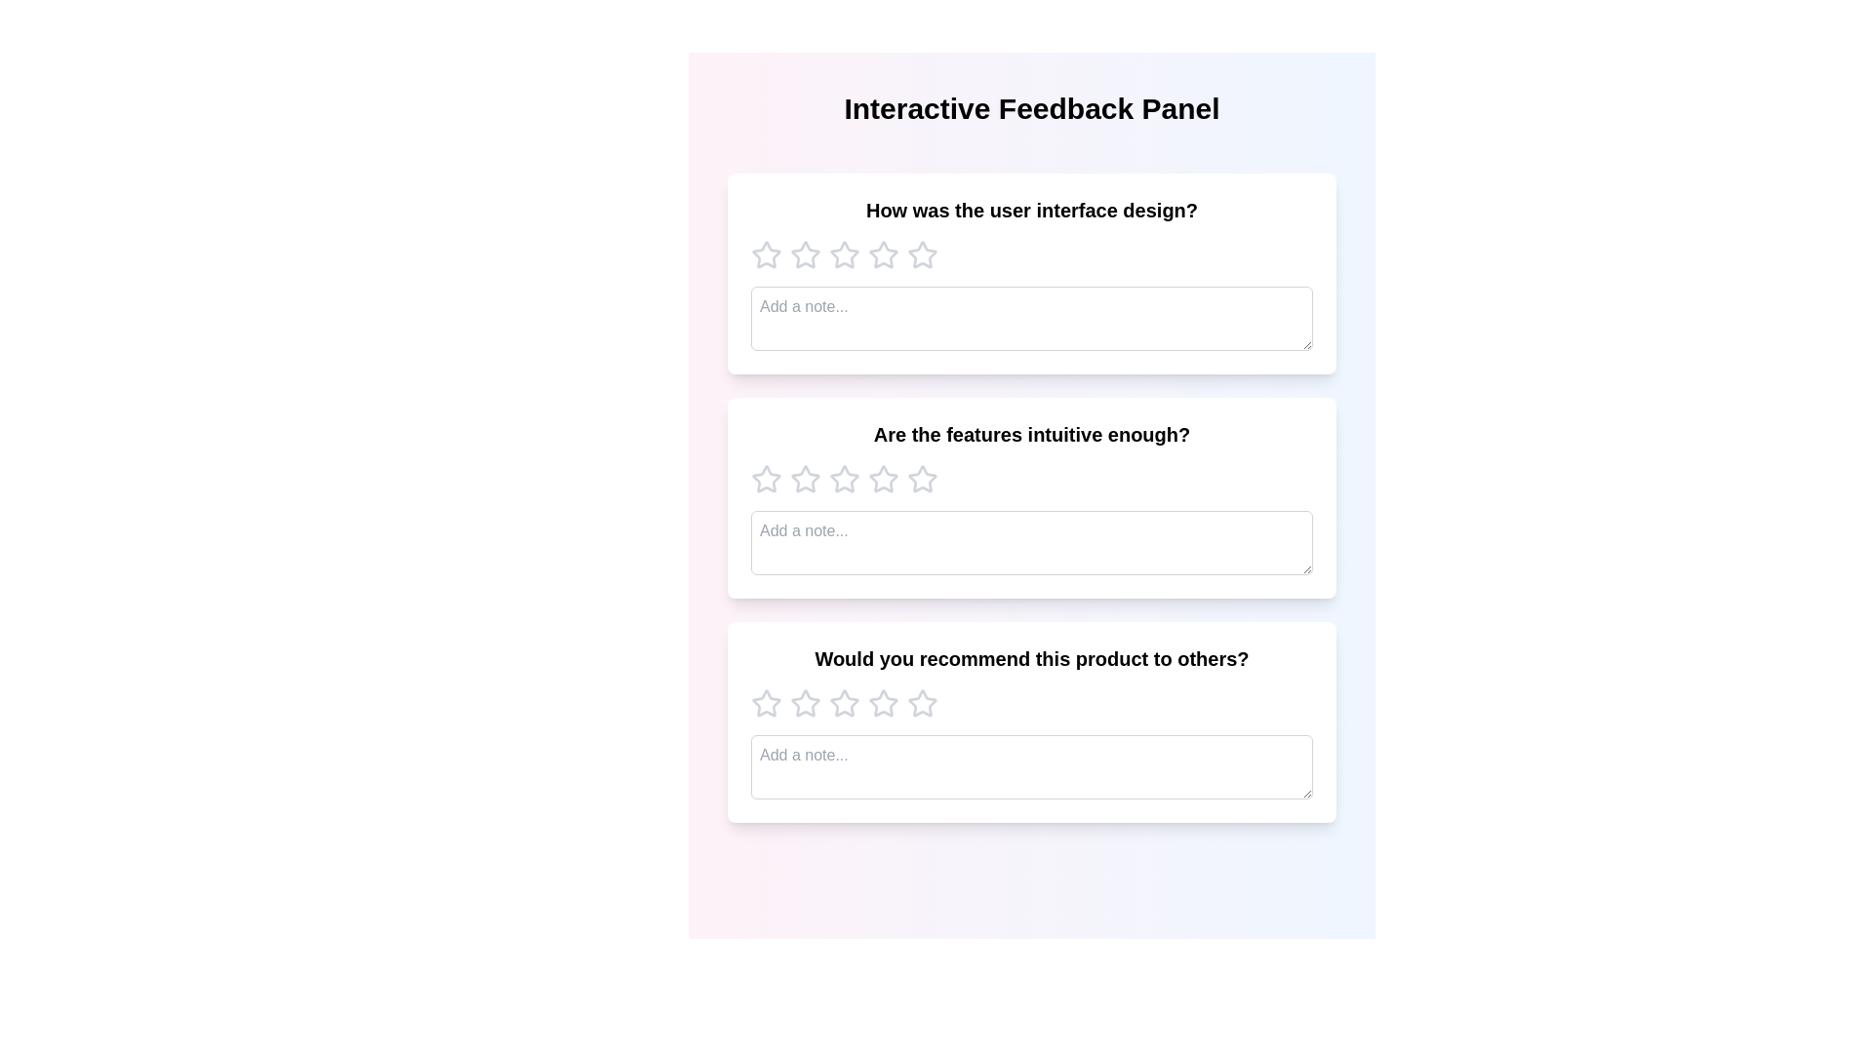  What do you see at coordinates (1030, 765) in the screenshot?
I see `the text area below the feedback prompt 'Would you recommend this product to others?' and enter the text '<user_input>'` at bounding box center [1030, 765].